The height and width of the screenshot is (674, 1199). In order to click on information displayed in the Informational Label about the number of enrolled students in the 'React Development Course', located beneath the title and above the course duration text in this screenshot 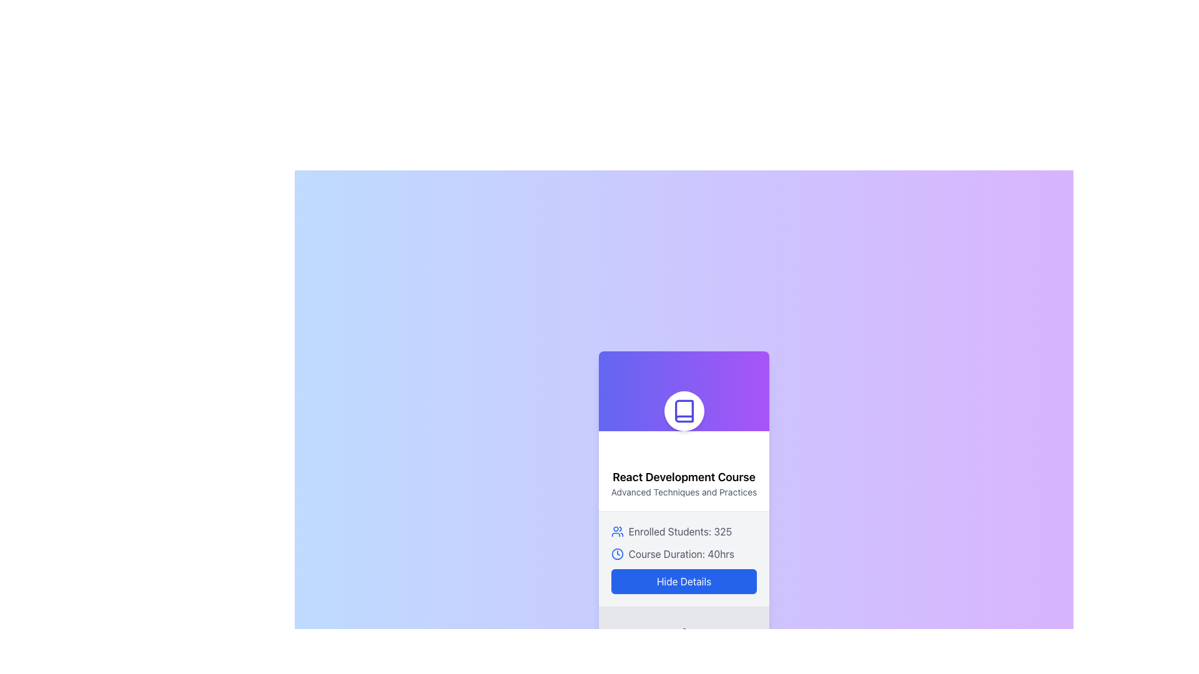, I will do `click(683, 532)`.